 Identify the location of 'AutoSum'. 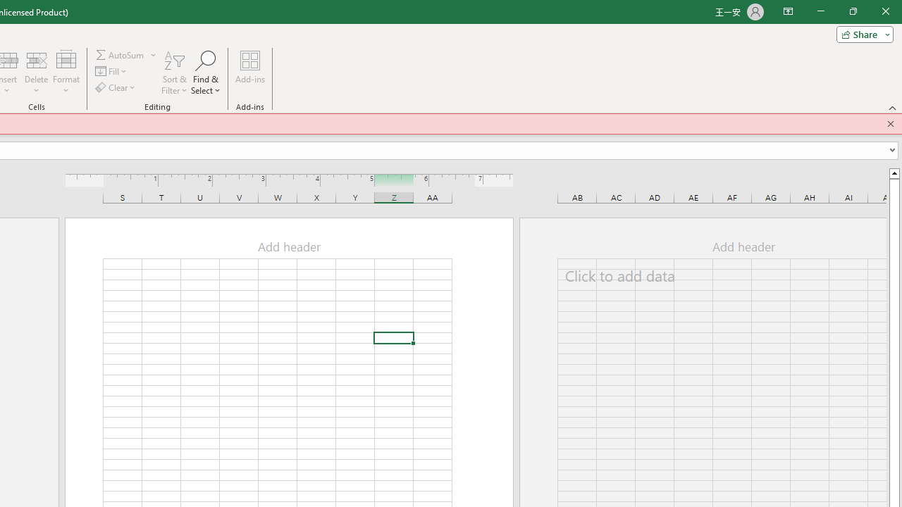
(126, 54).